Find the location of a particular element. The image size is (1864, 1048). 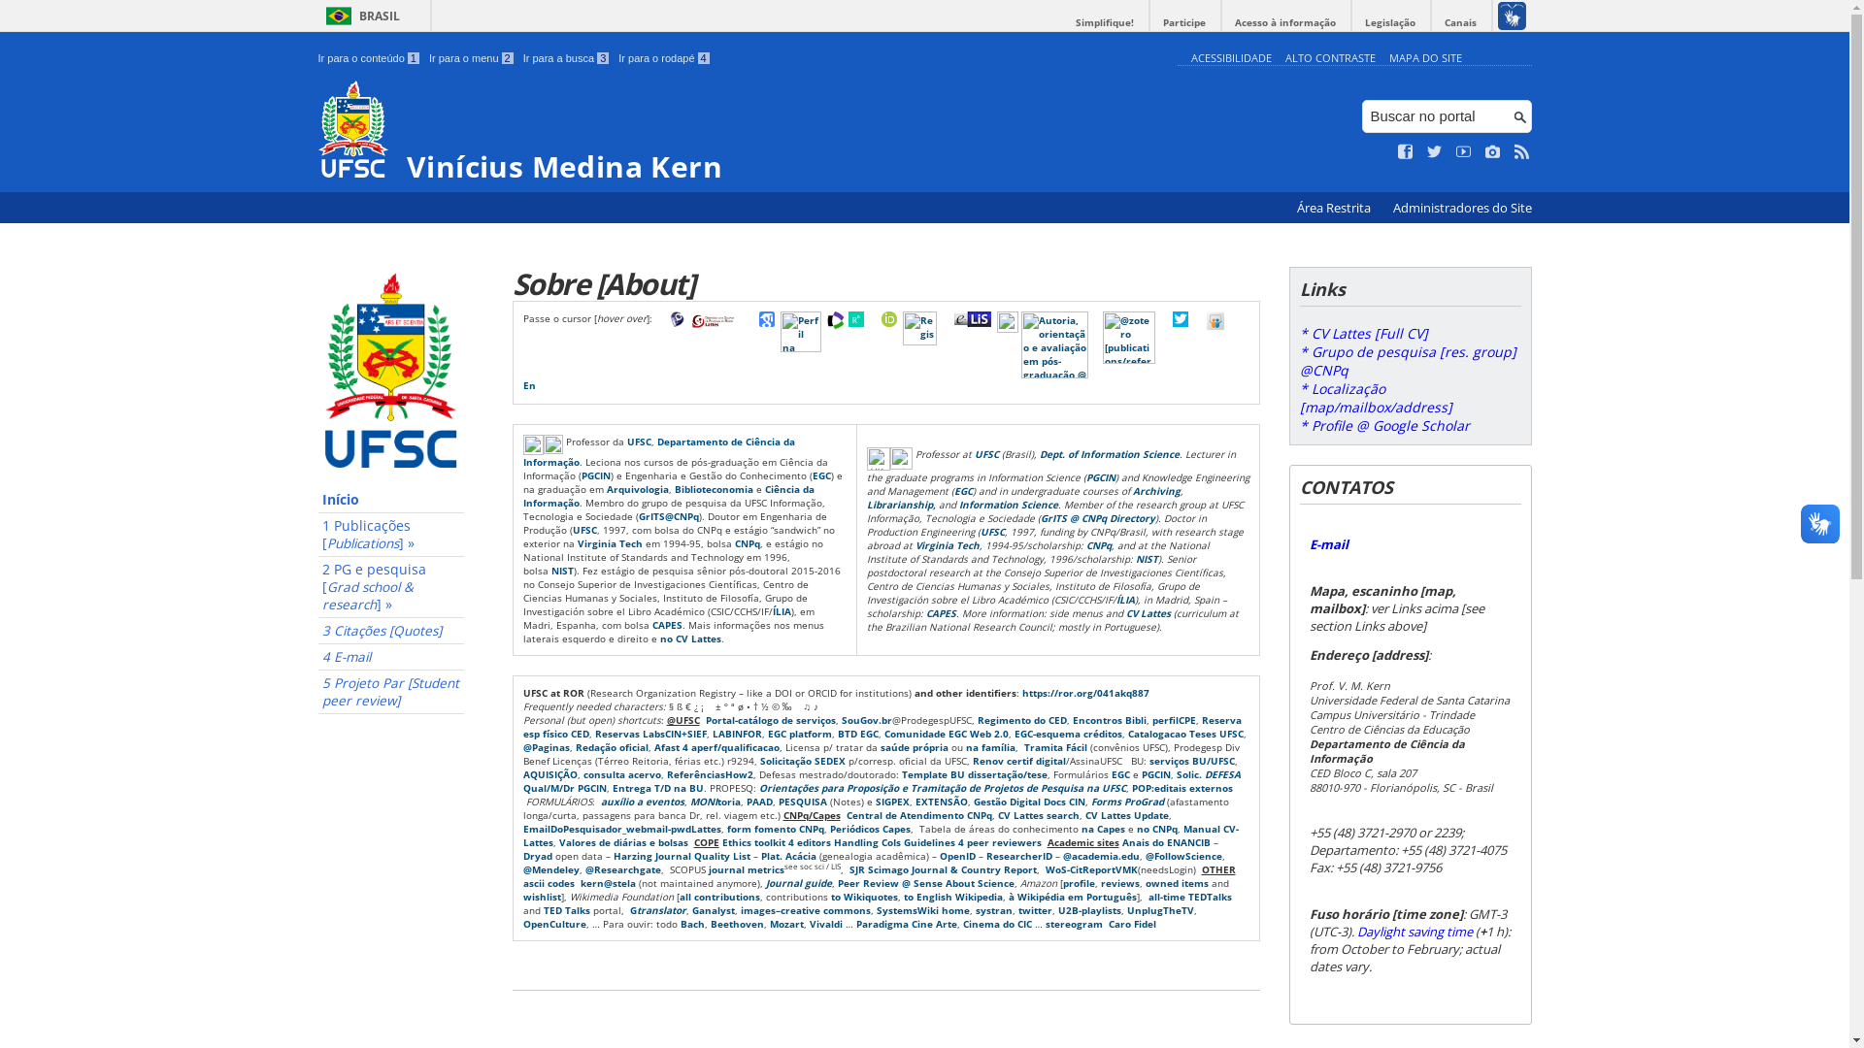

'Archiving' is located at coordinates (1155, 489).